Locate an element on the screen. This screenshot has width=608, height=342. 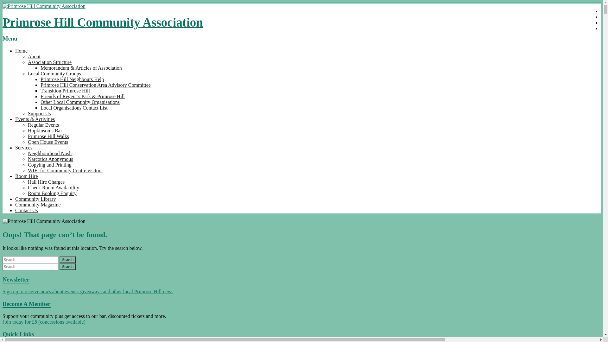
'Primrose Hill Walks' is located at coordinates (48, 136).